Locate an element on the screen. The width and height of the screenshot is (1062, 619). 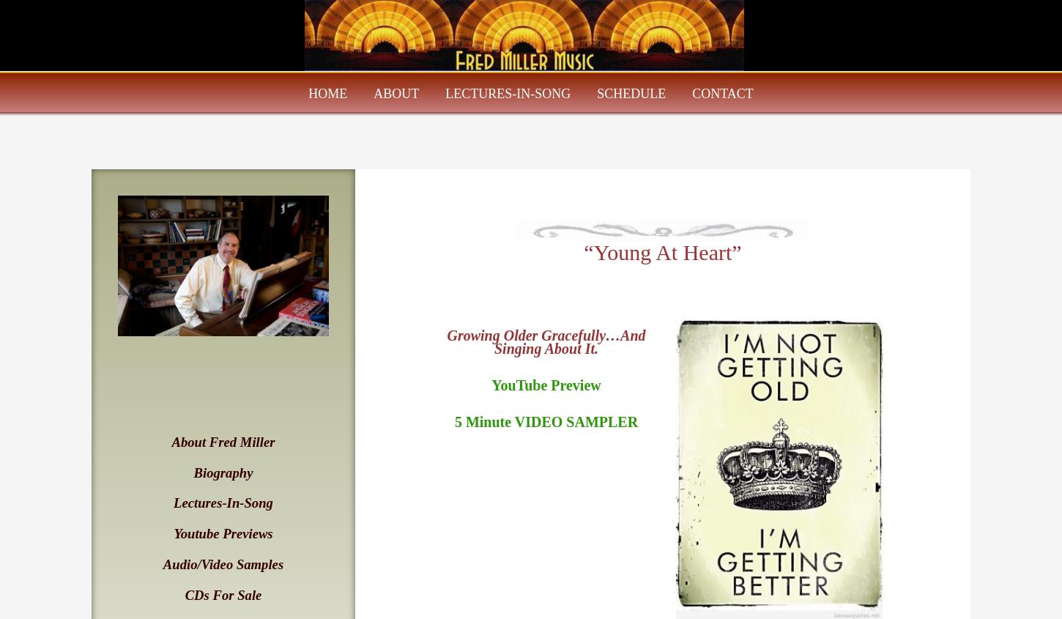
'Youtube Previews' is located at coordinates (223, 533).